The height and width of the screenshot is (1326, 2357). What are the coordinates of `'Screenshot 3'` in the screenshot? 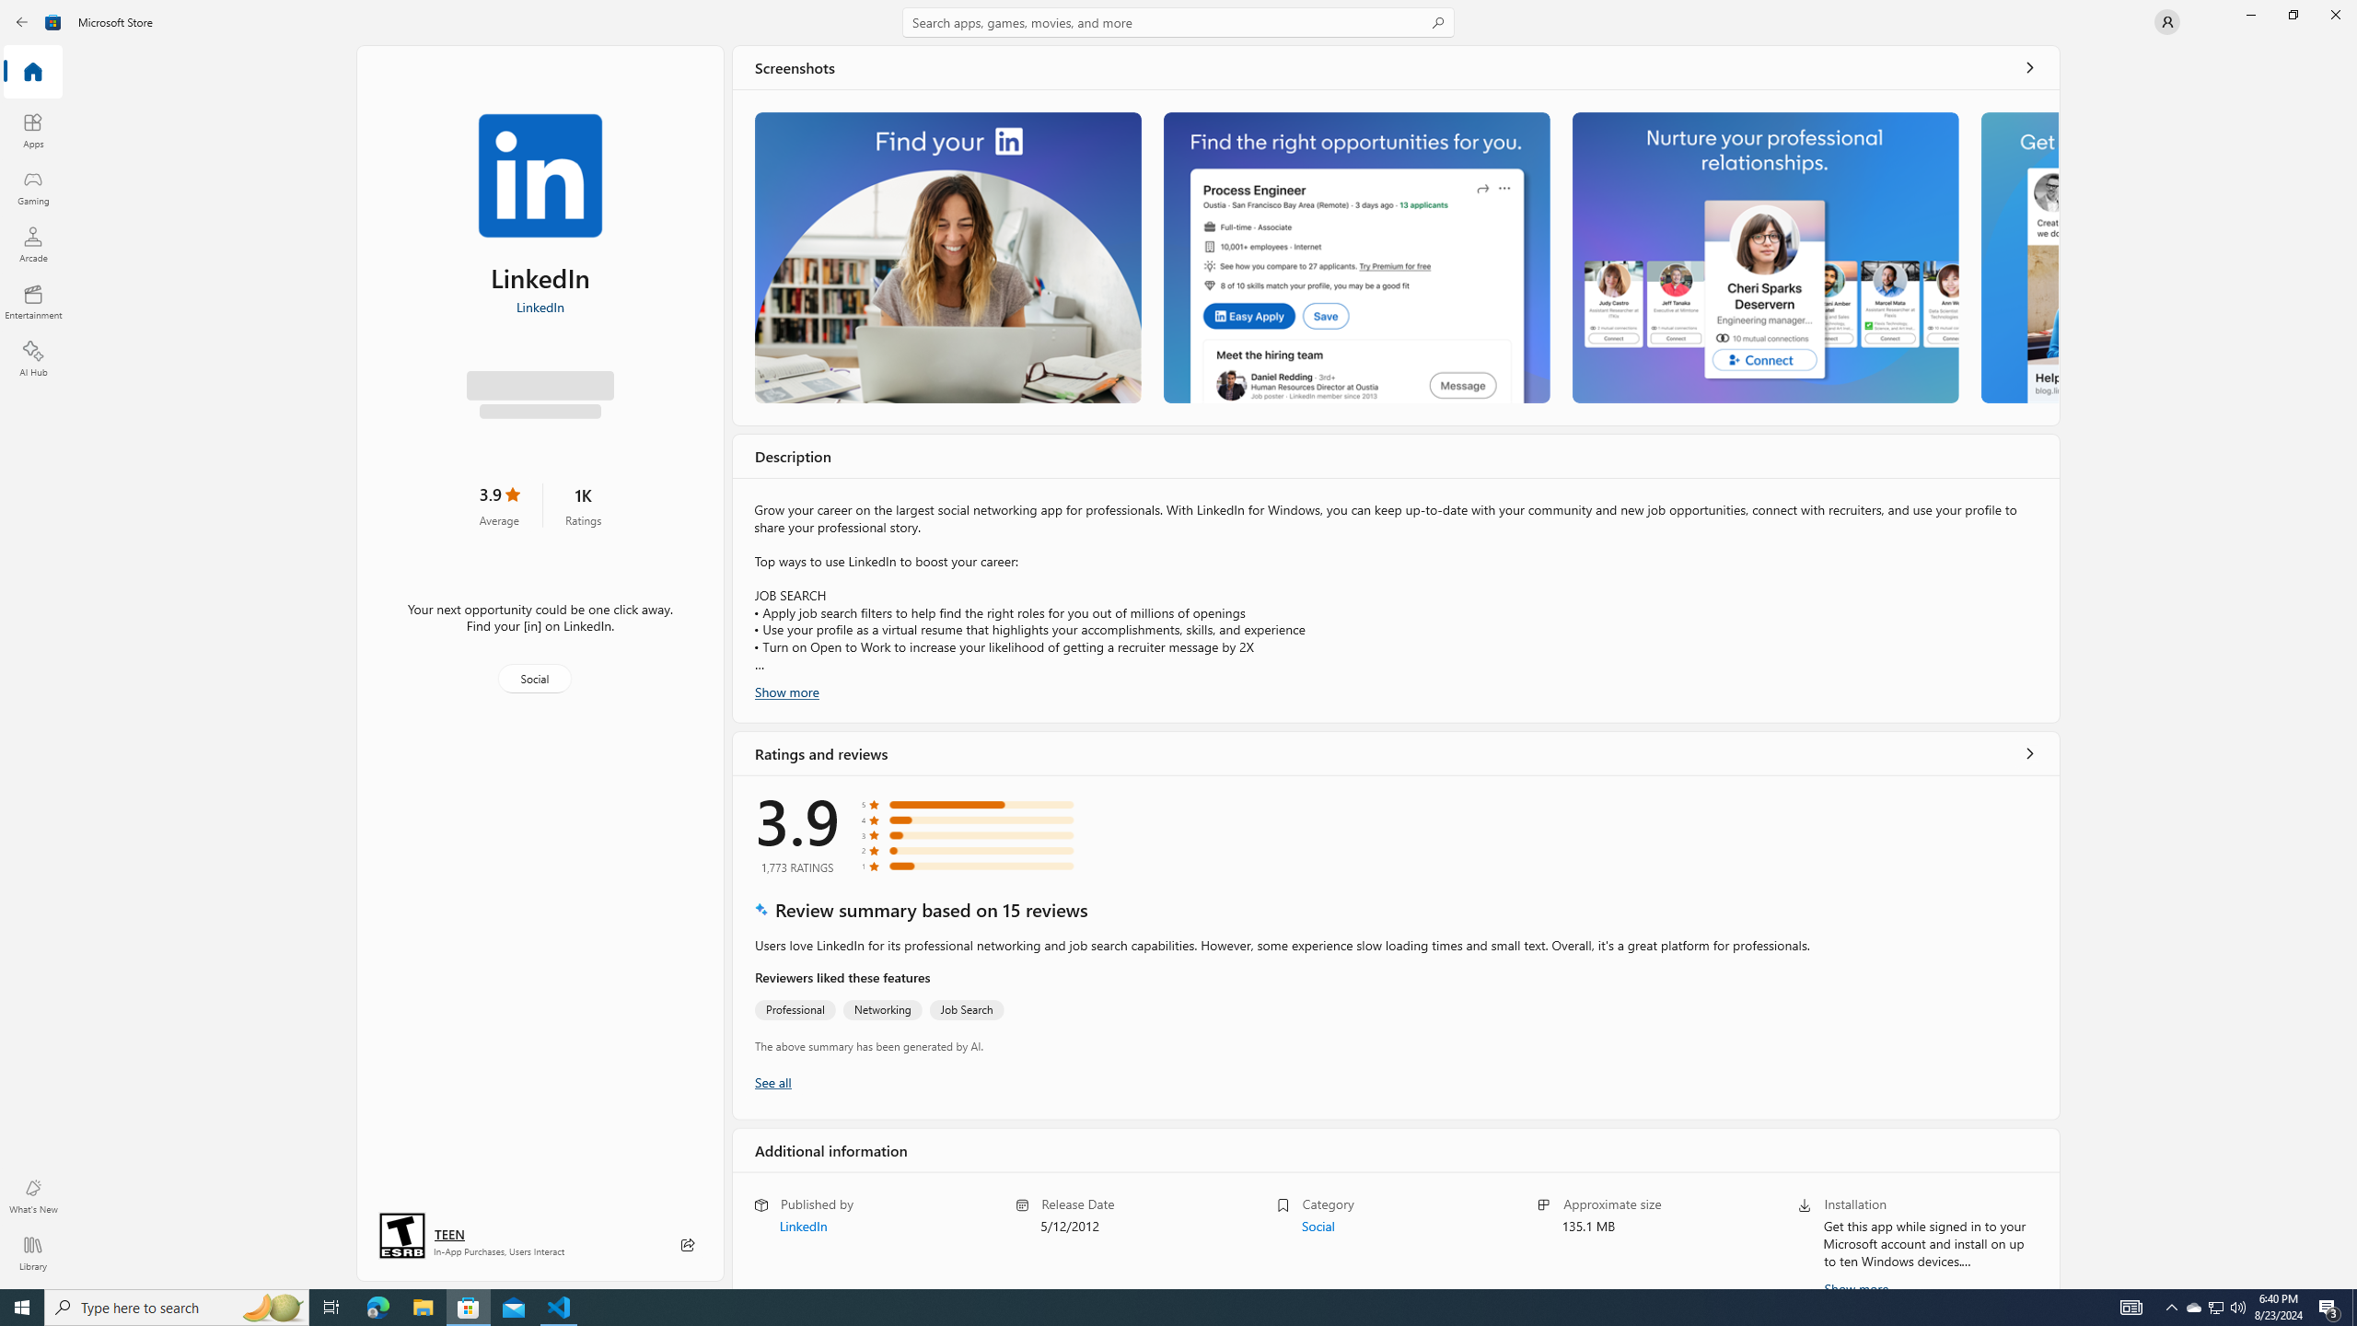 It's located at (1763, 257).